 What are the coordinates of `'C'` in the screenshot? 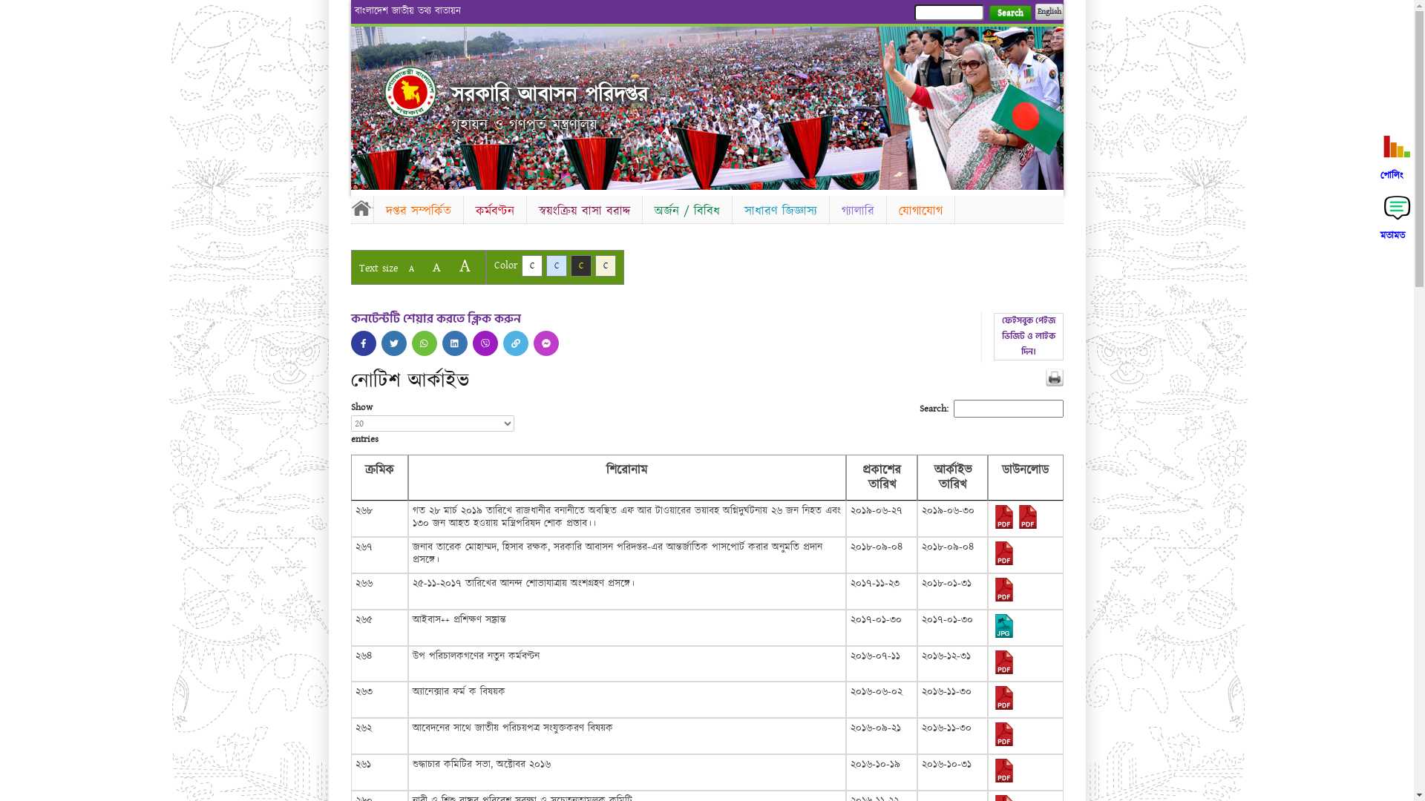 It's located at (594, 265).